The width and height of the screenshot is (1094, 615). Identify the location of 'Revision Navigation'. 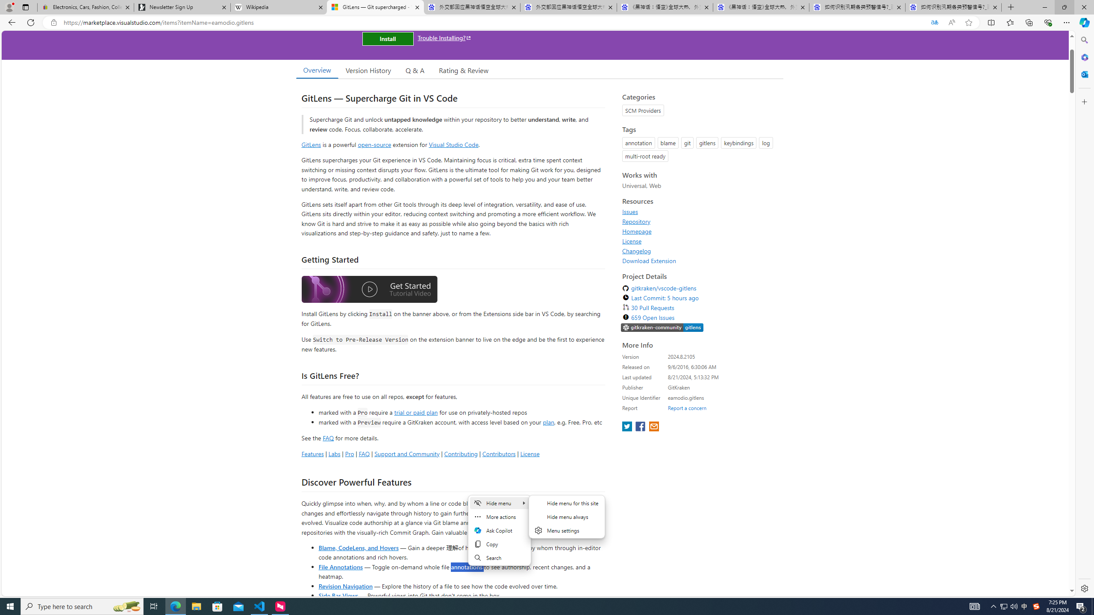
(345, 586).